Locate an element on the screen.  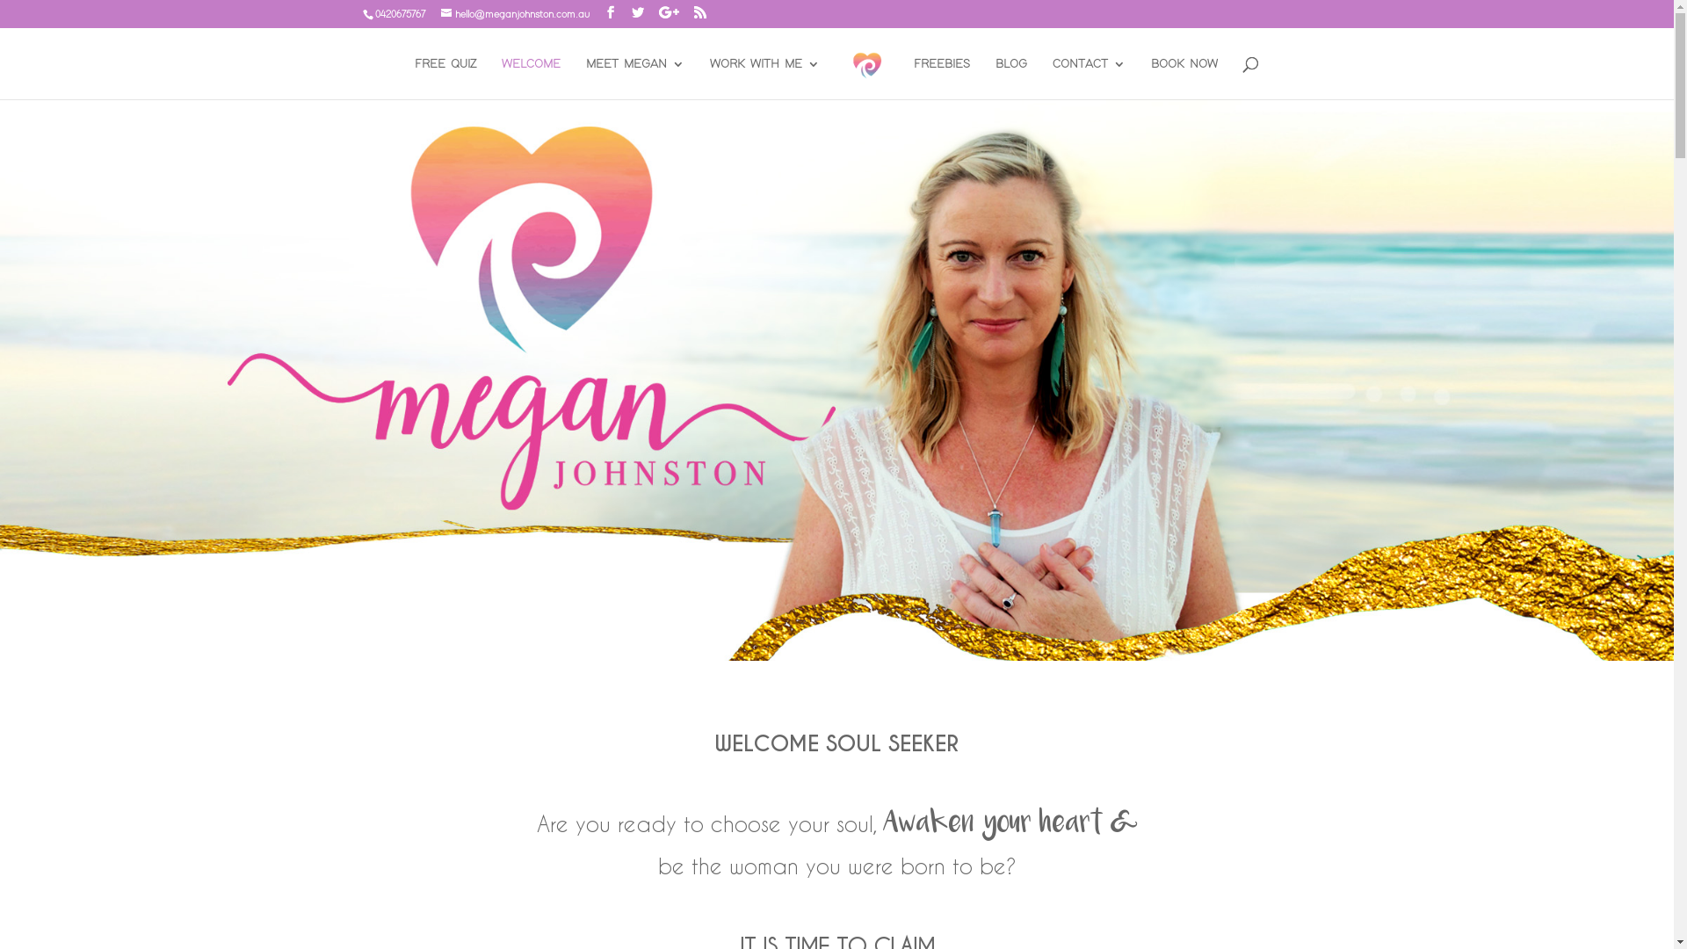
'hello@meganjohnston.com.au' is located at coordinates (441, 14).